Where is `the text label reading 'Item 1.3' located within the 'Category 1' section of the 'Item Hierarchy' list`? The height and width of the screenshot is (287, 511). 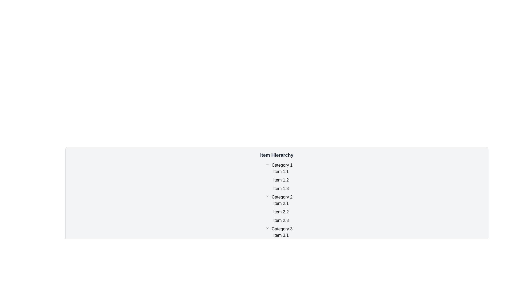 the text label reading 'Item 1.3' located within the 'Category 1' section of the 'Item Hierarchy' list is located at coordinates (281, 188).